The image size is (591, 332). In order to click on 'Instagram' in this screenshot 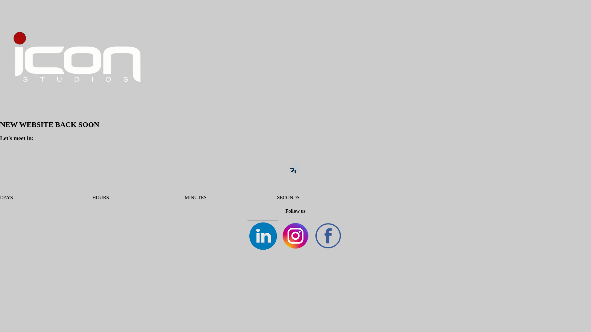, I will do `click(295, 235)`.